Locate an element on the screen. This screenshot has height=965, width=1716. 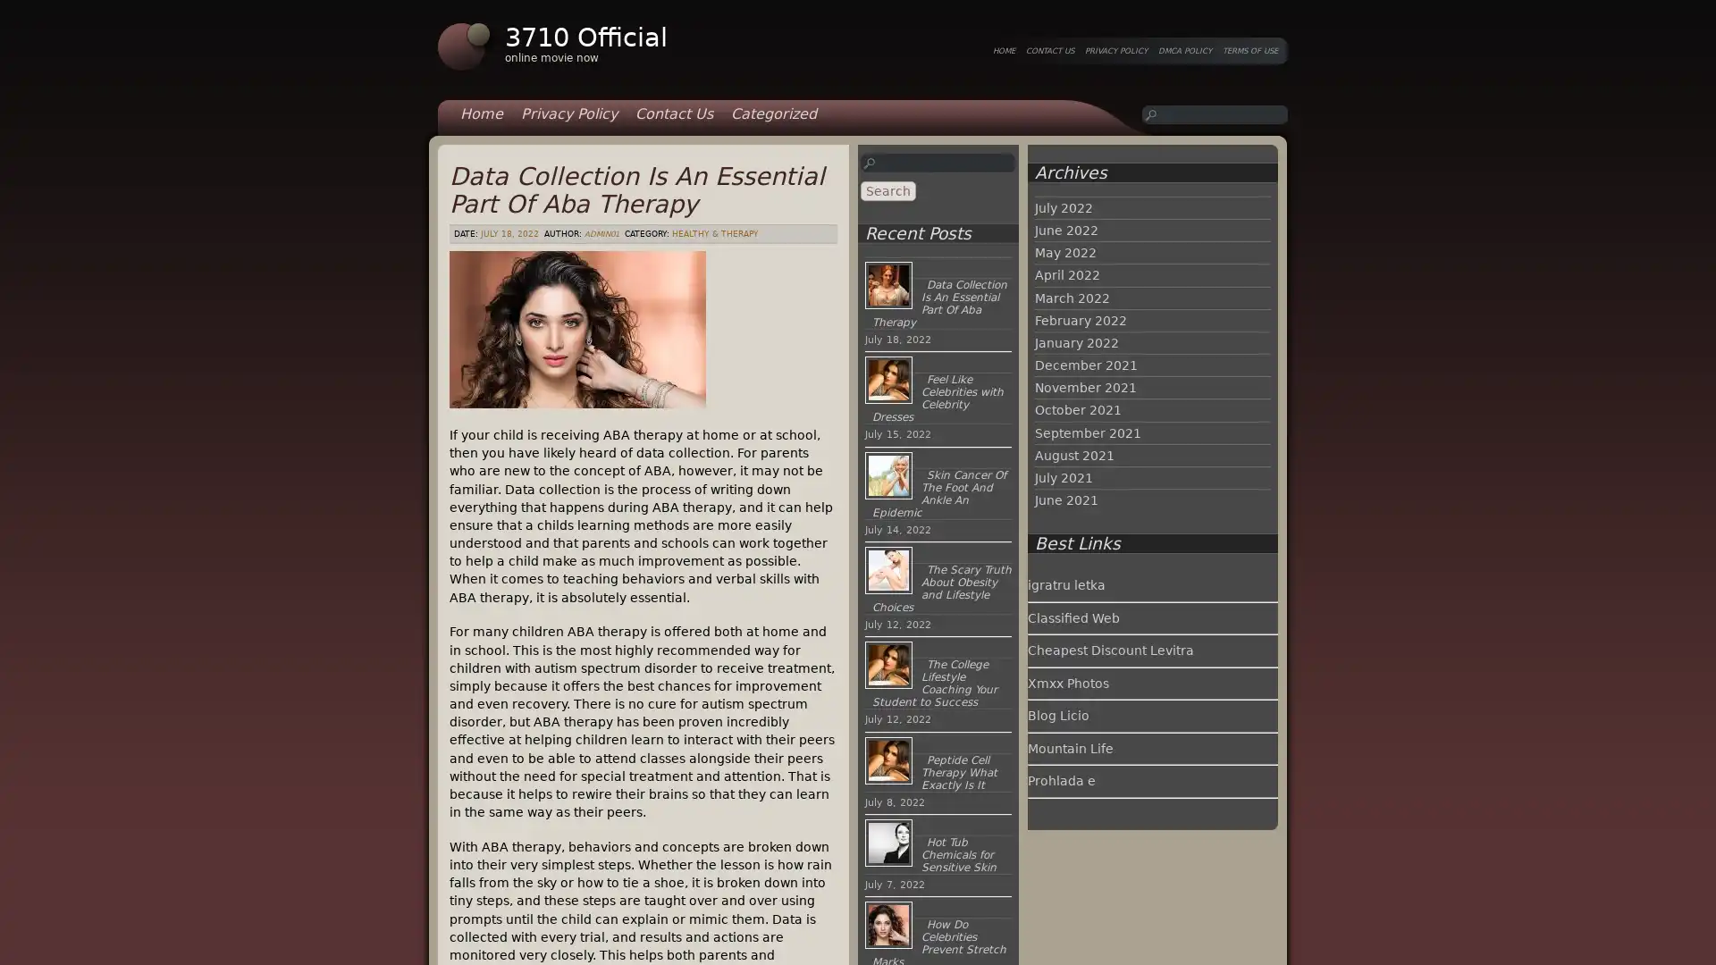
Search is located at coordinates (887, 190).